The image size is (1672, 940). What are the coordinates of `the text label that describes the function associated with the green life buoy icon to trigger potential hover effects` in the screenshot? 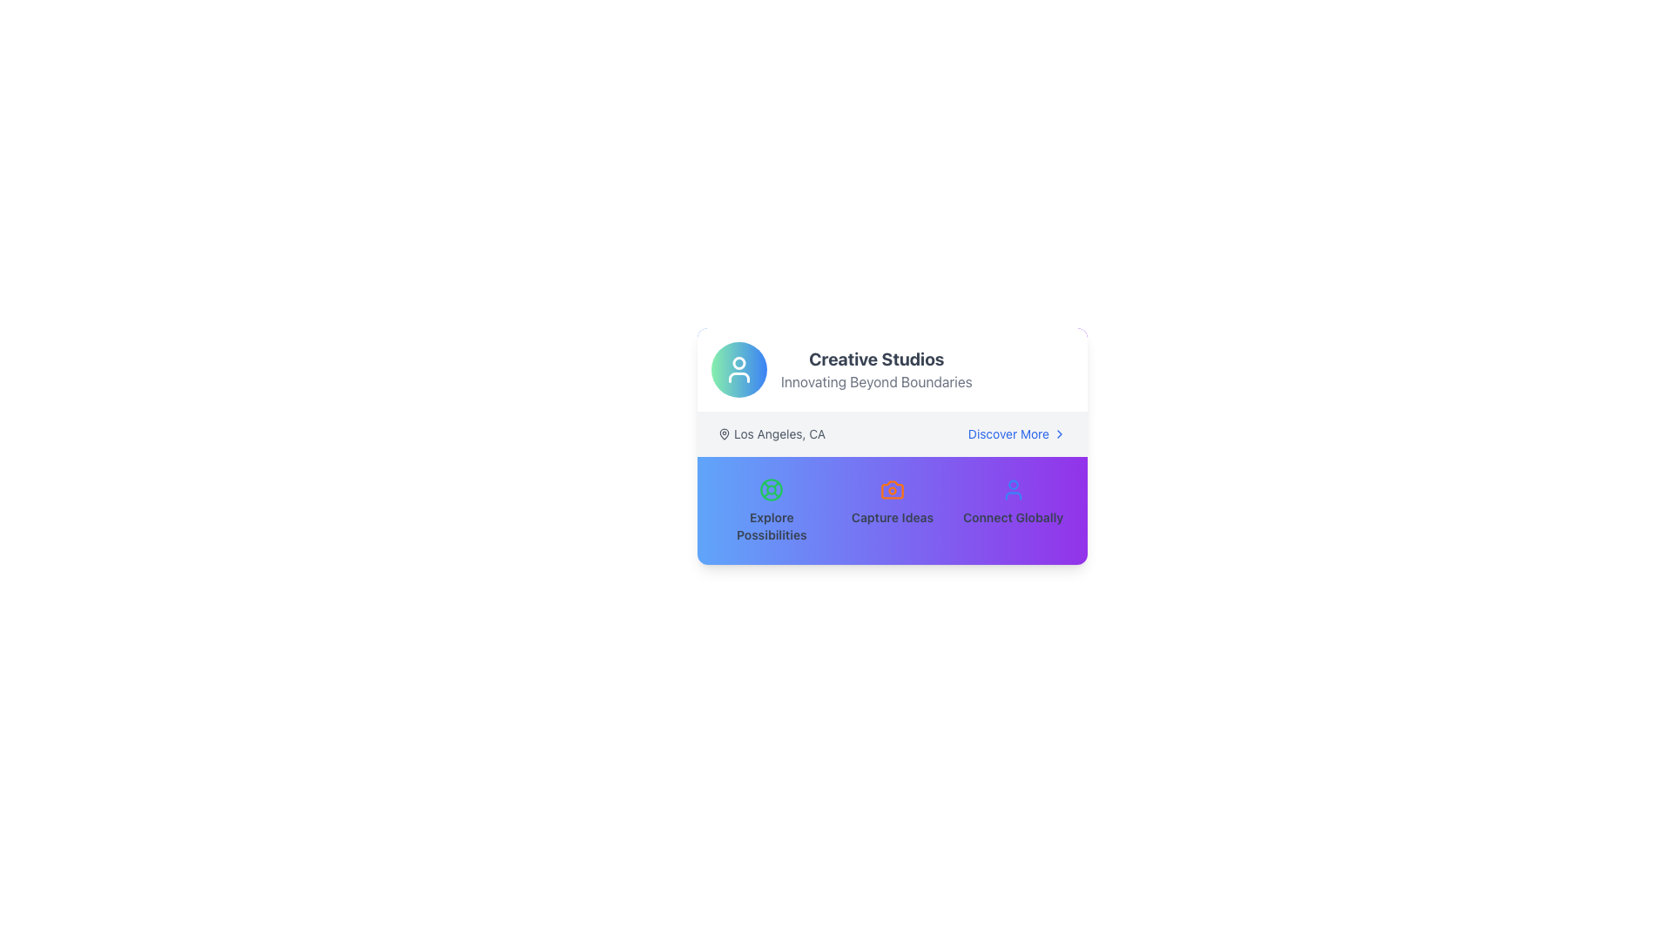 It's located at (771, 526).